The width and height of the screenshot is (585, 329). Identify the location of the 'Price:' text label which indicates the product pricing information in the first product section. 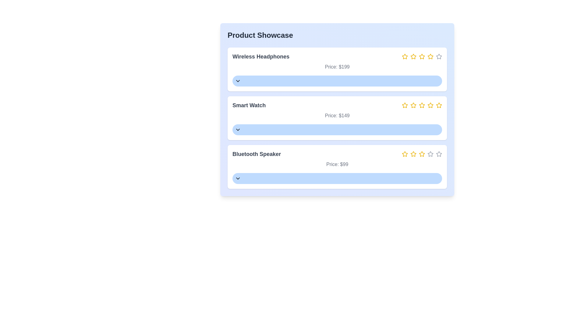
(331, 67).